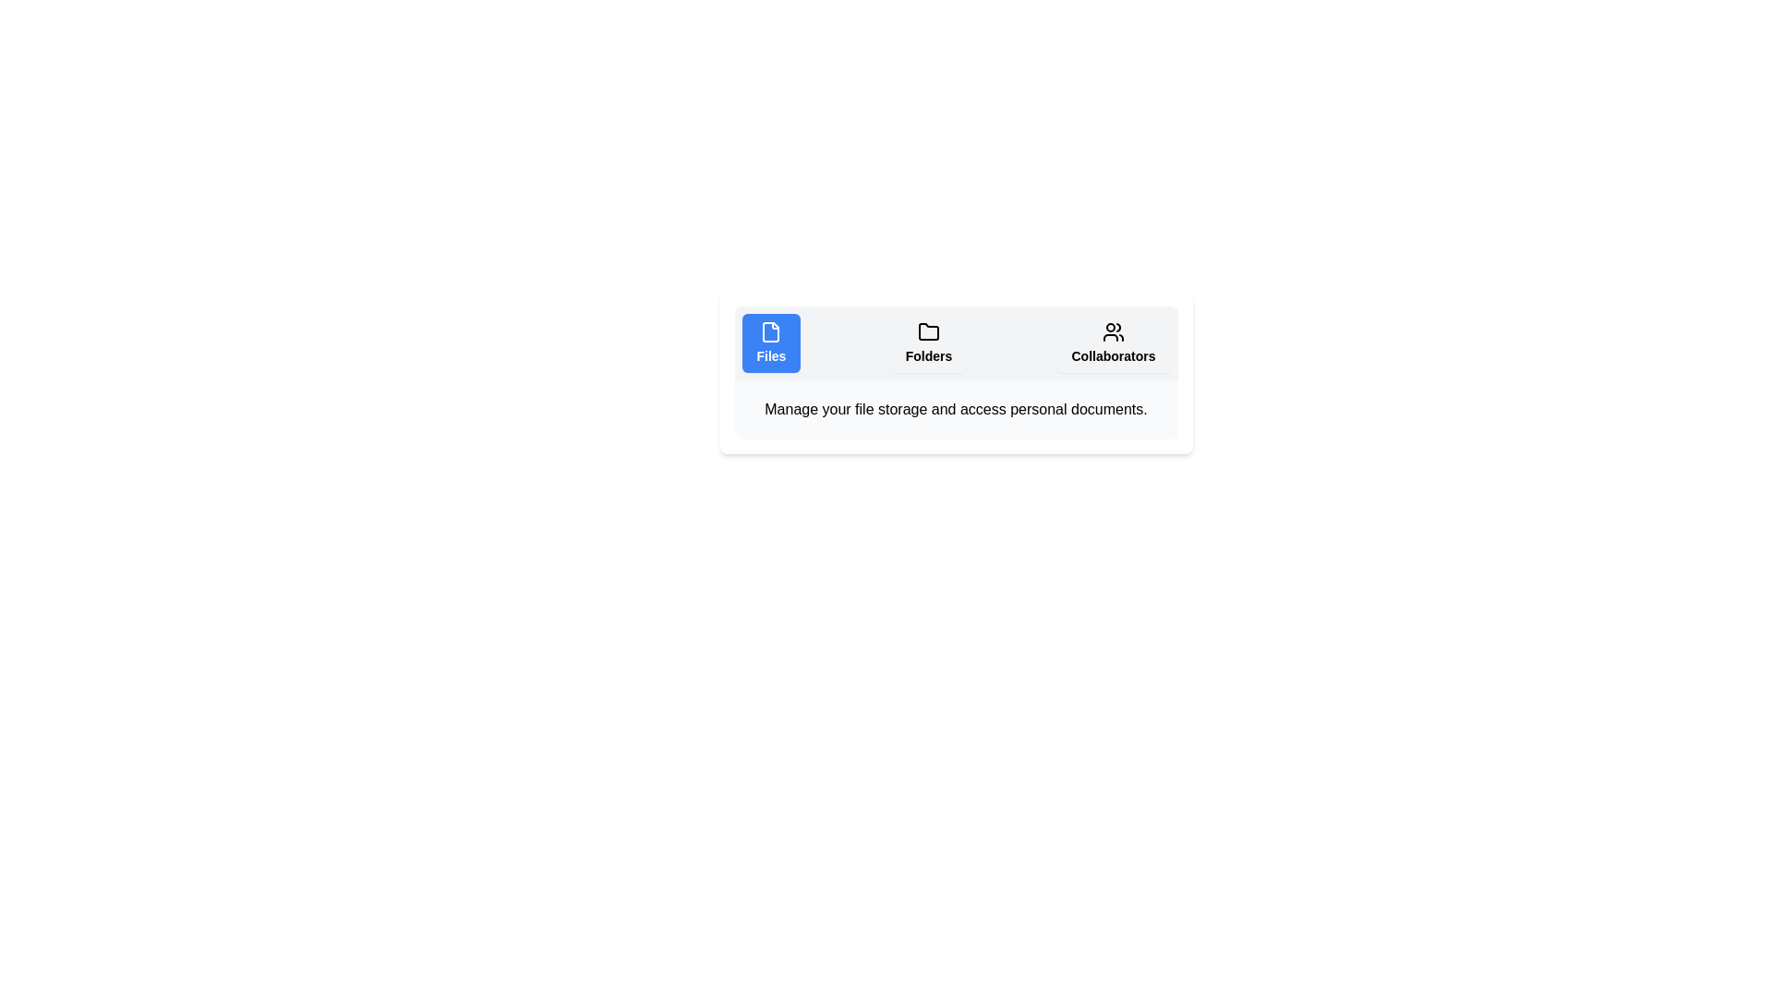 The height and width of the screenshot is (997, 1773). I want to click on the Collaborators tab to display its content description, so click(1112, 342).